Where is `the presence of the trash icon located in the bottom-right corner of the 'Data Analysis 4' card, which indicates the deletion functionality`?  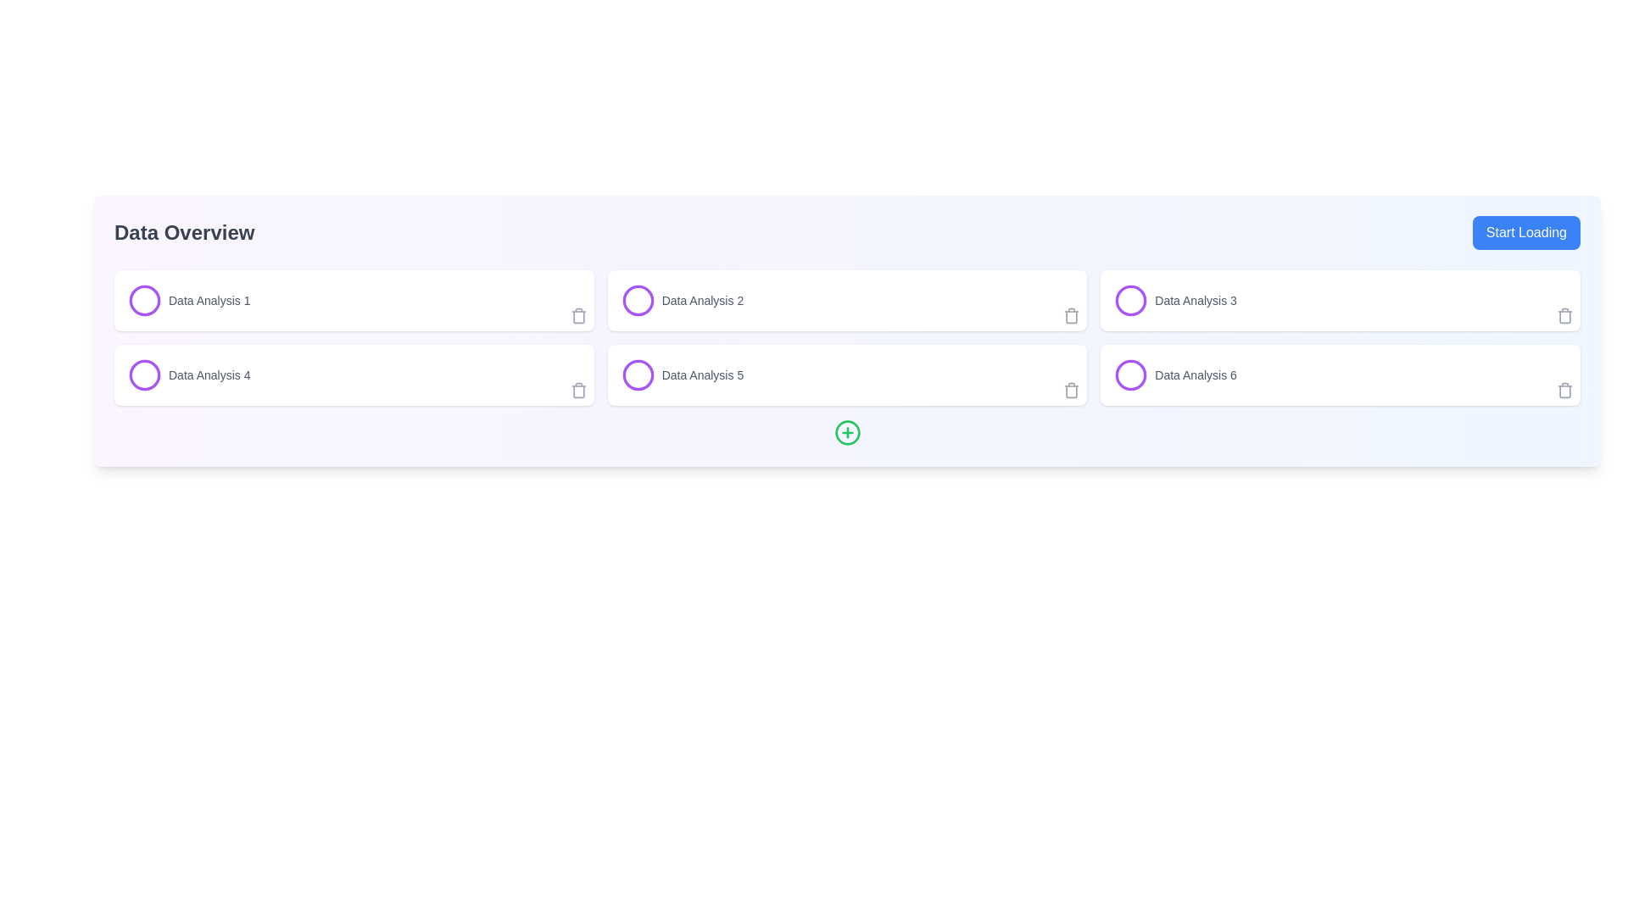
the presence of the trash icon located in the bottom-right corner of the 'Data Analysis 4' card, which indicates the deletion functionality is located at coordinates (578, 391).